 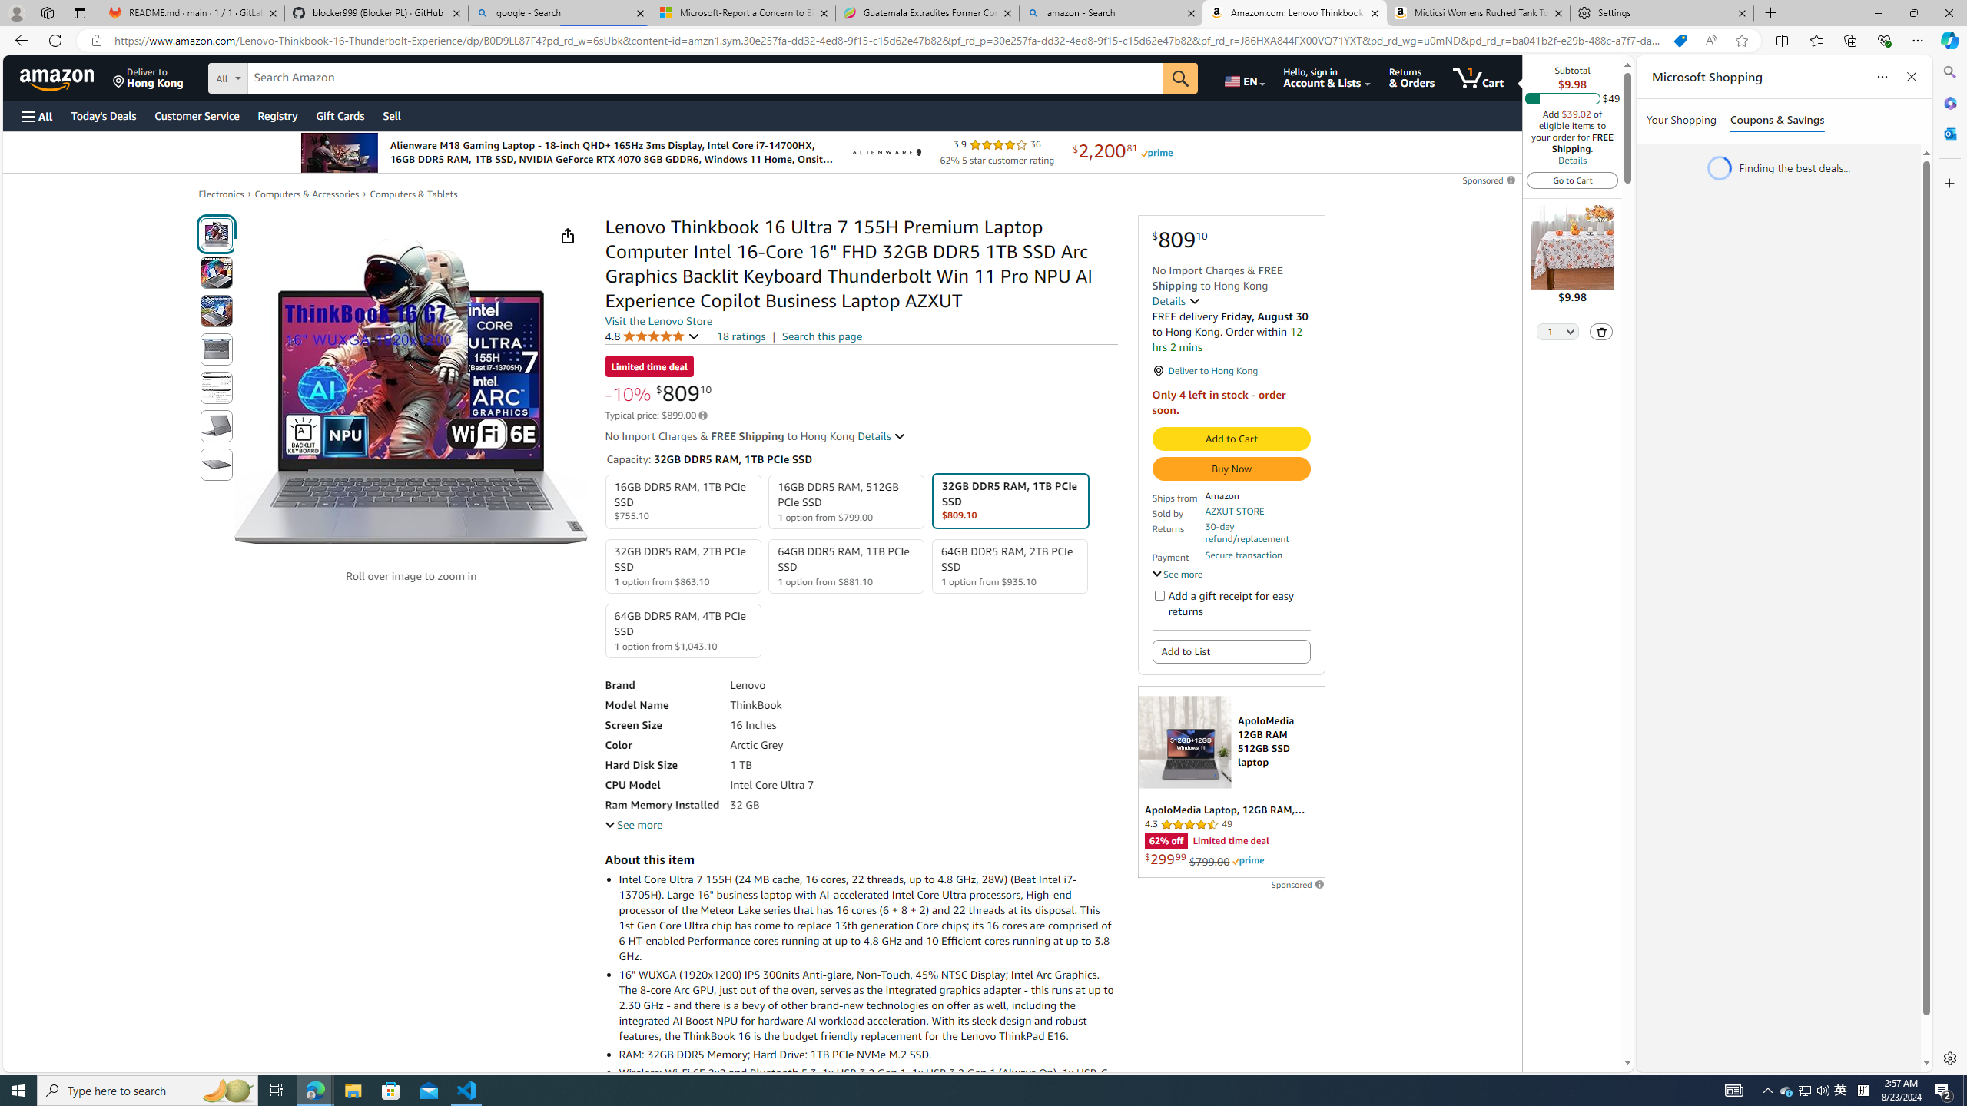 I want to click on 'Open Menu', so click(x=35, y=115).